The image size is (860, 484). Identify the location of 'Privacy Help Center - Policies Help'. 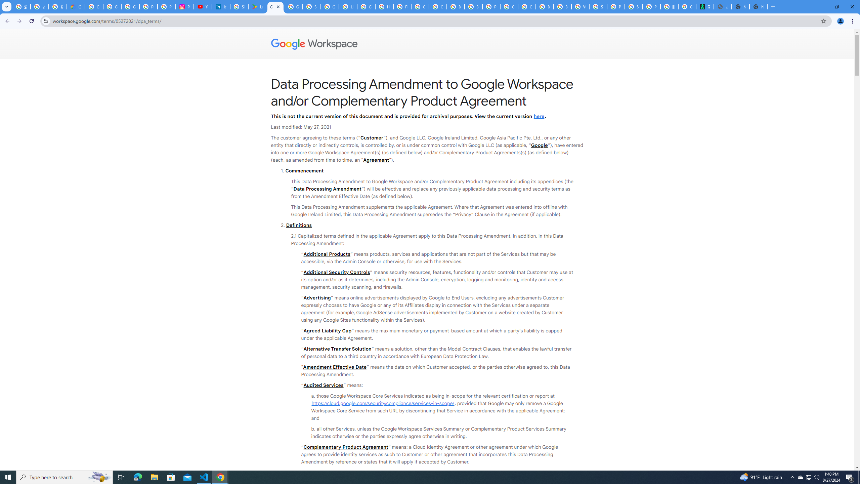
(167, 6).